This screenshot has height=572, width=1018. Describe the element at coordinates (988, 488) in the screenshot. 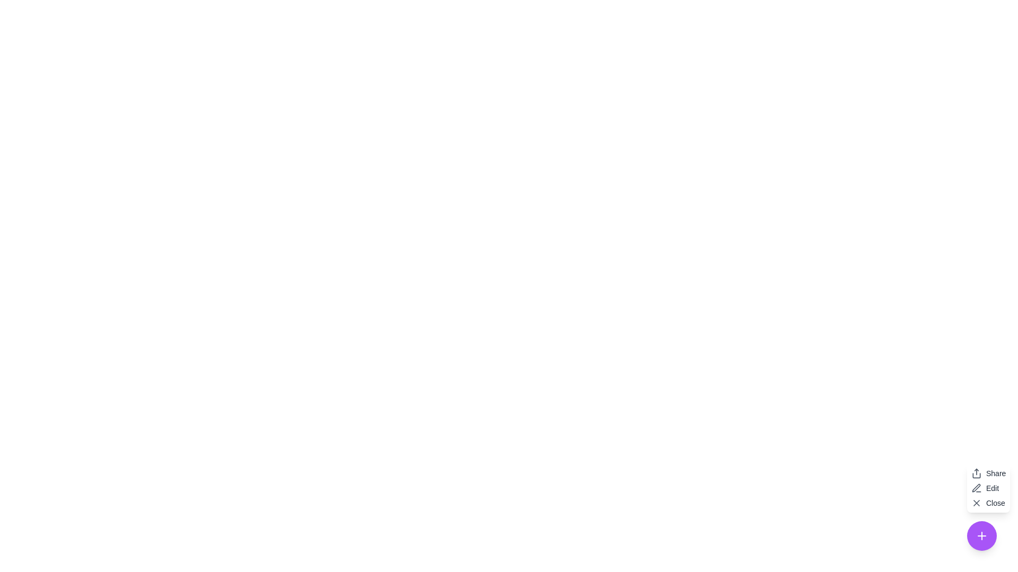

I see `the Edit button located below the Share option and above the Close option to initiate an editing workflow` at that location.